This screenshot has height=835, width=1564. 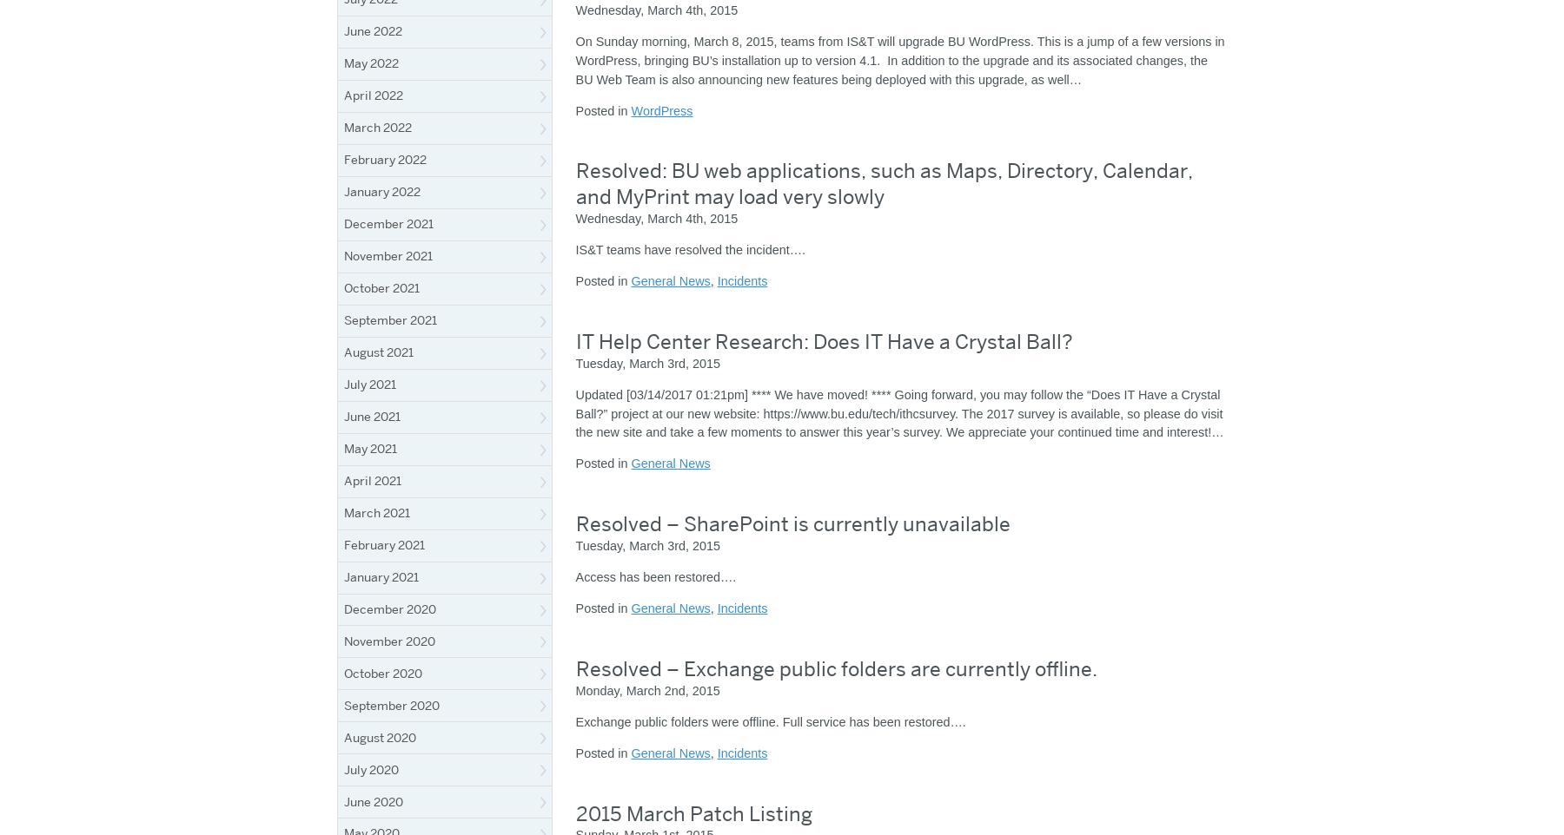 I want to click on 'WordPress', so click(x=660, y=108).